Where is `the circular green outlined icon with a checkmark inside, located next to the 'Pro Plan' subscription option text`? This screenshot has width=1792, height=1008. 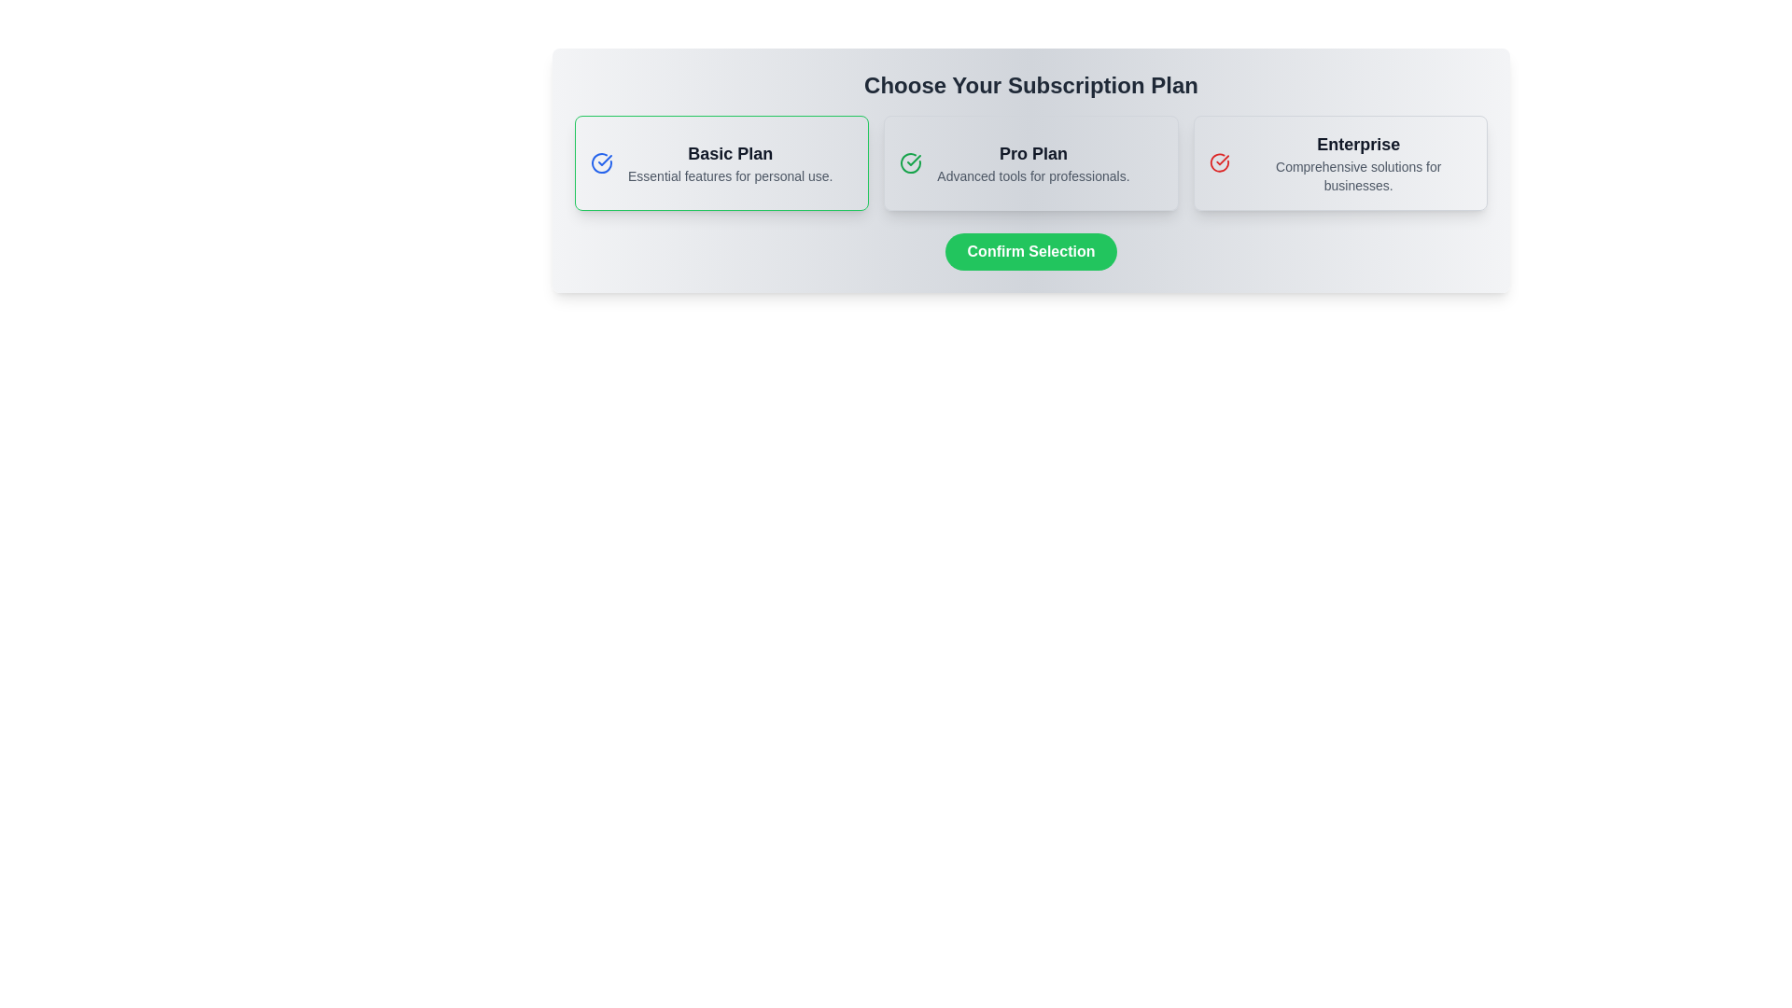 the circular green outlined icon with a checkmark inside, located next to the 'Pro Plan' subscription option text is located at coordinates (911, 161).